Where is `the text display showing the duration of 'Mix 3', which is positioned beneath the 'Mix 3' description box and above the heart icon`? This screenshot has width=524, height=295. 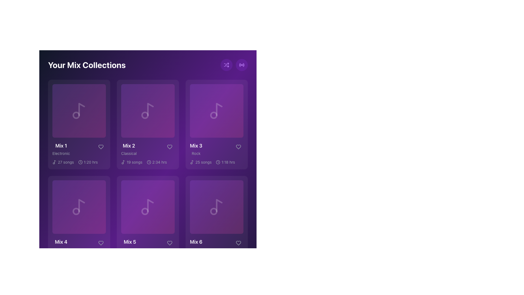 the text display showing the duration of 'Mix 3', which is positioned beneath the 'Mix 3' description box and above the heart icon is located at coordinates (228, 162).